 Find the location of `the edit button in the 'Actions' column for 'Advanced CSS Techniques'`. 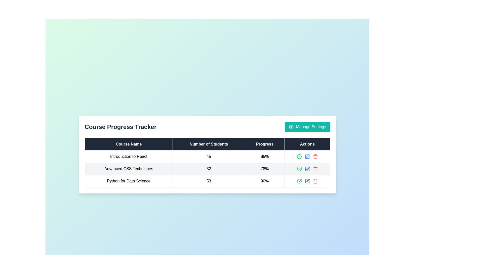

the edit button in the 'Actions' column for 'Advanced CSS Techniques' is located at coordinates (307, 169).